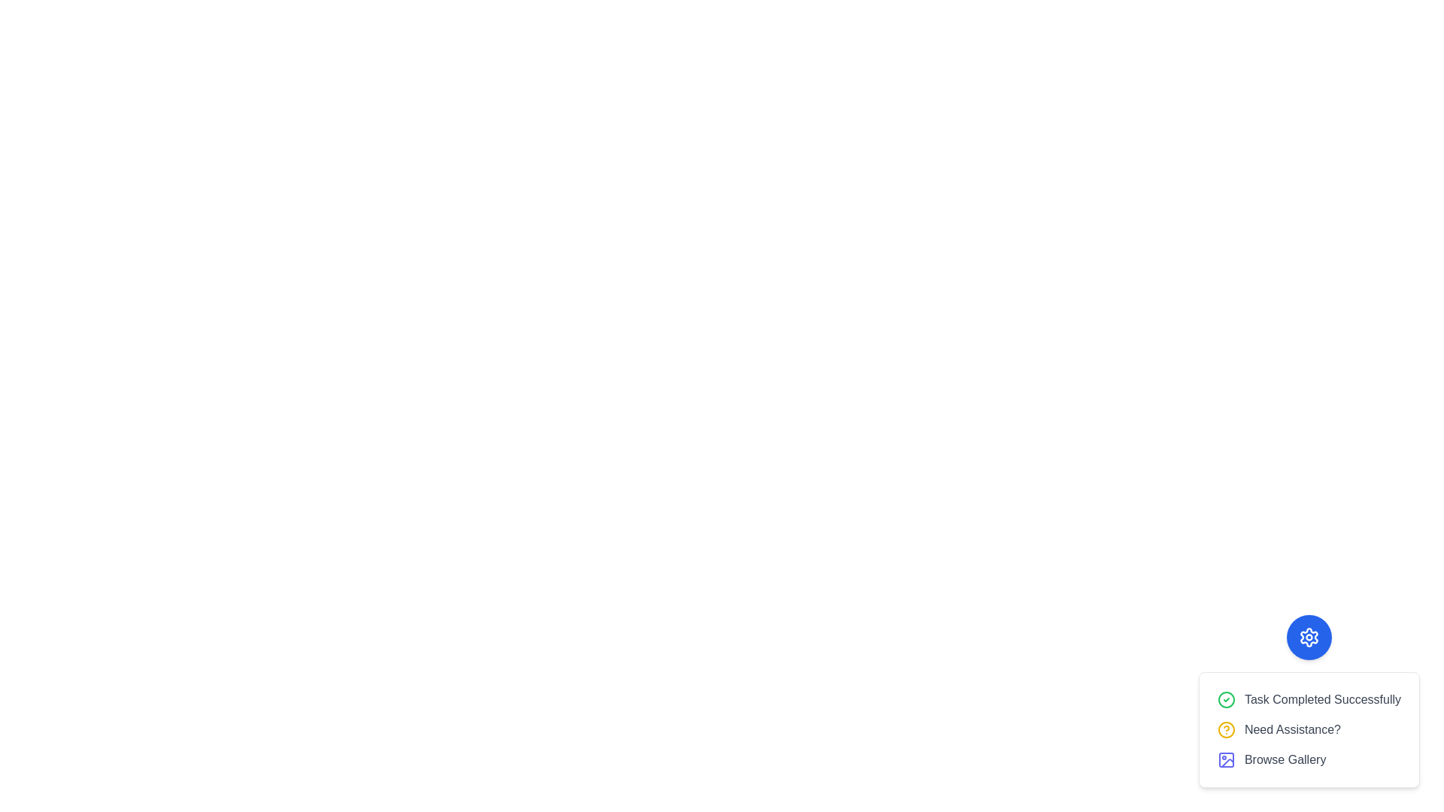 The image size is (1444, 812). Describe the element at coordinates (1226, 759) in the screenshot. I see `the largest rectangular component of the icon that serves as a background or structural part of the SVG group` at that location.